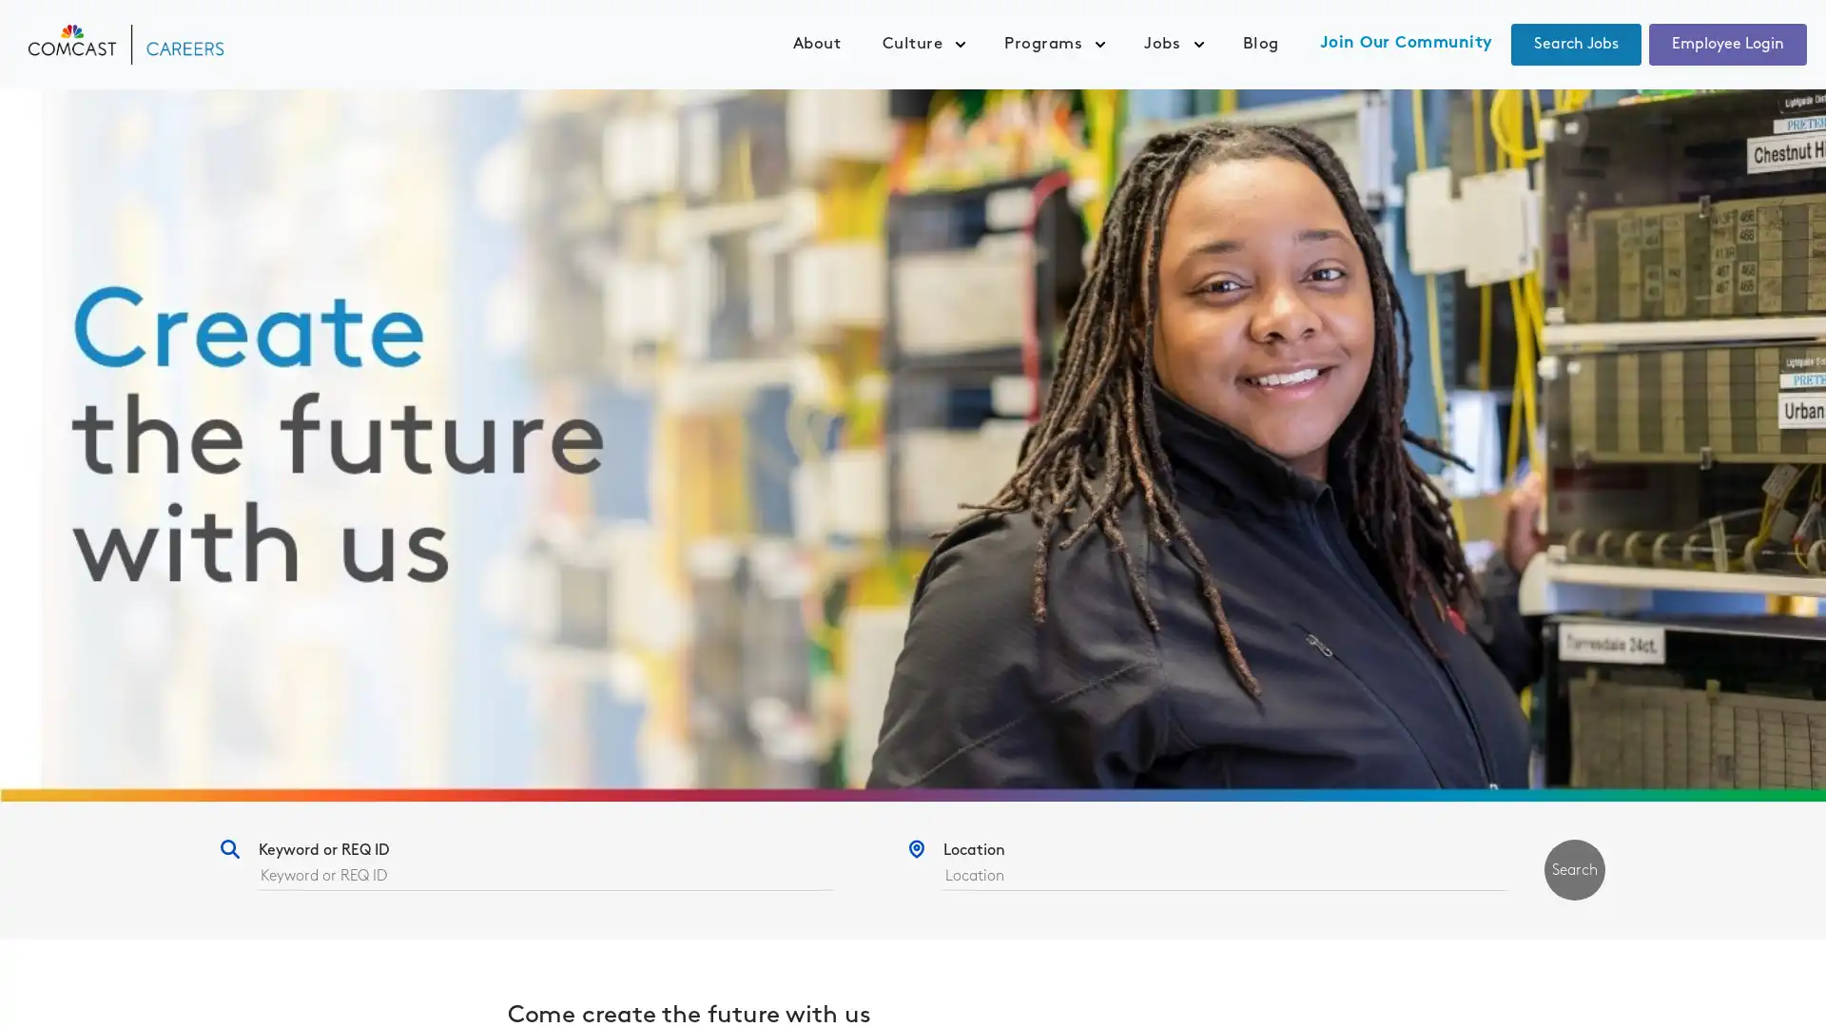 The width and height of the screenshot is (1826, 1027). What do you see at coordinates (1575, 869) in the screenshot?
I see `Search` at bounding box center [1575, 869].